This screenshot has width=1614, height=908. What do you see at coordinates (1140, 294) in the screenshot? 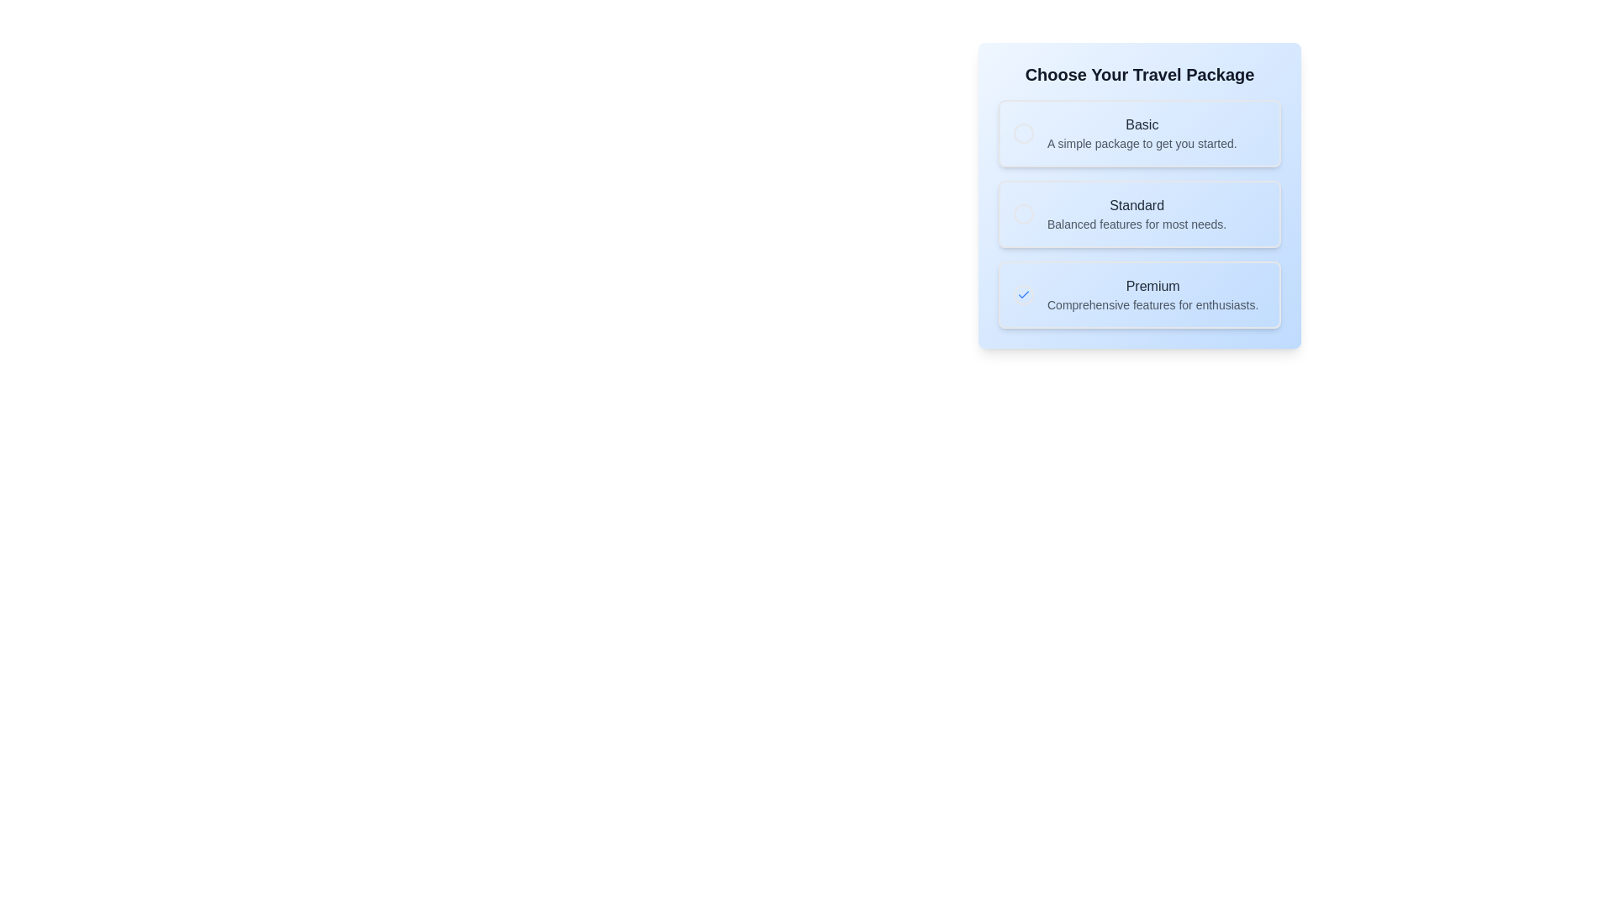
I see `the 'Premium' travel package selectable card to trigger the hover effect, which is the third option in the vertically arranged list beneath the 'Standard' option` at bounding box center [1140, 294].